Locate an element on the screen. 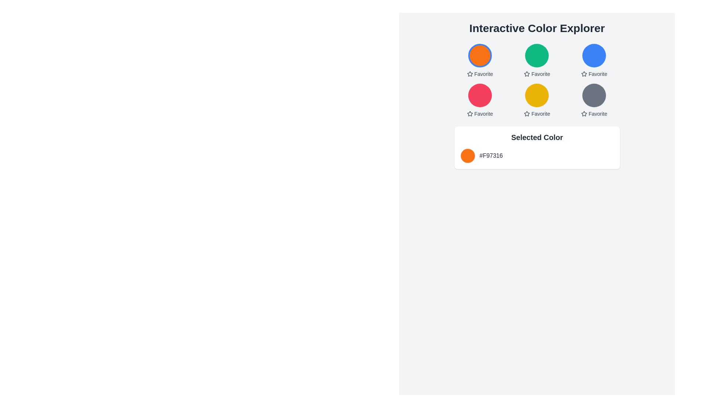  the star icon located in the second row of the color selector grid is located at coordinates (527, 114).